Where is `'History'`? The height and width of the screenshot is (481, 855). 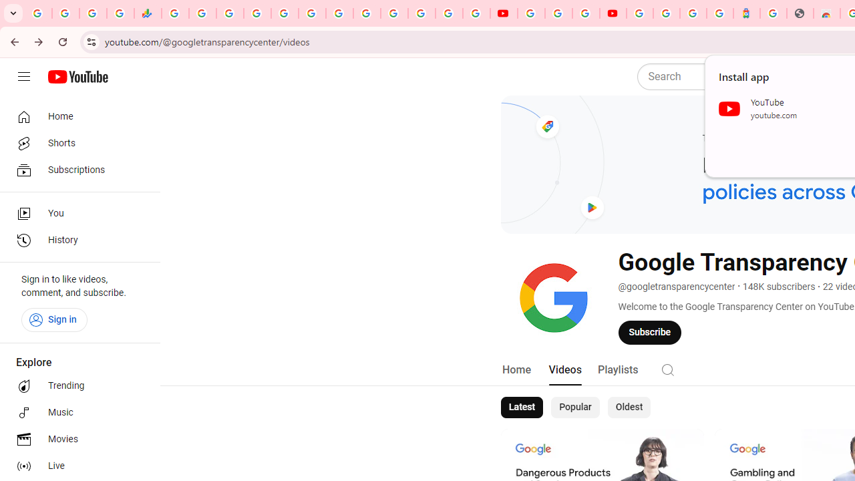
'History' is located at coordinates (75, 240).